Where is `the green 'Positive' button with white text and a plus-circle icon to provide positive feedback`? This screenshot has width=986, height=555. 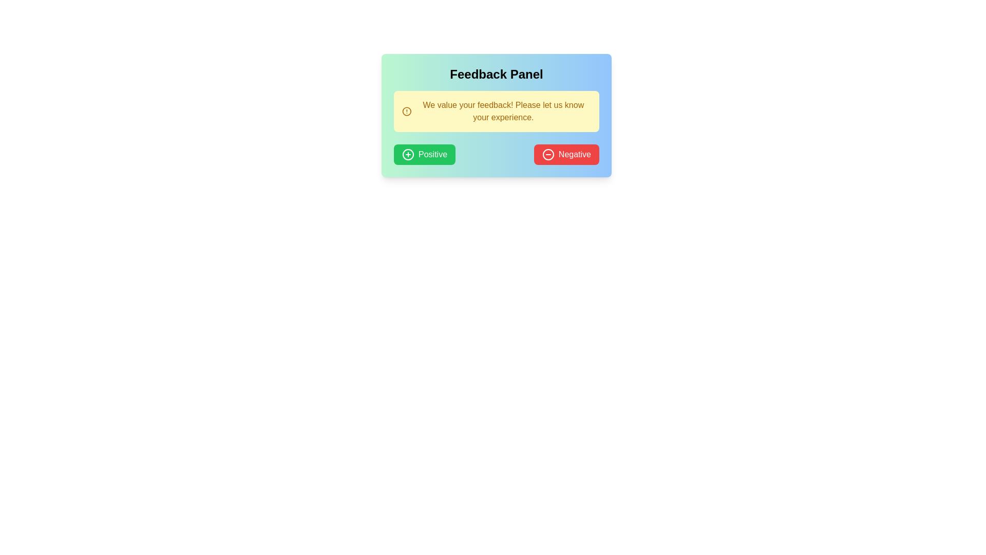
the green 'Positive' button with white text and a plus-circle icon to provide positive feedback is located at coordinates (424, 154).